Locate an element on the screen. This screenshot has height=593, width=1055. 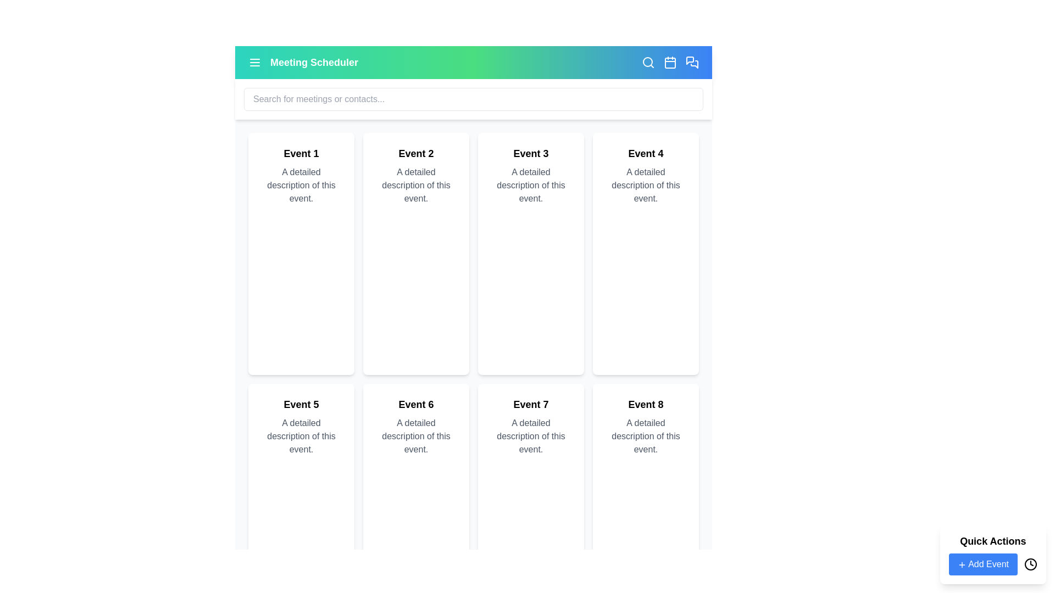
the Information card displaying details about Event 2, which is located in the top row and second column of the grid layout is located at coordinates (415, 254).